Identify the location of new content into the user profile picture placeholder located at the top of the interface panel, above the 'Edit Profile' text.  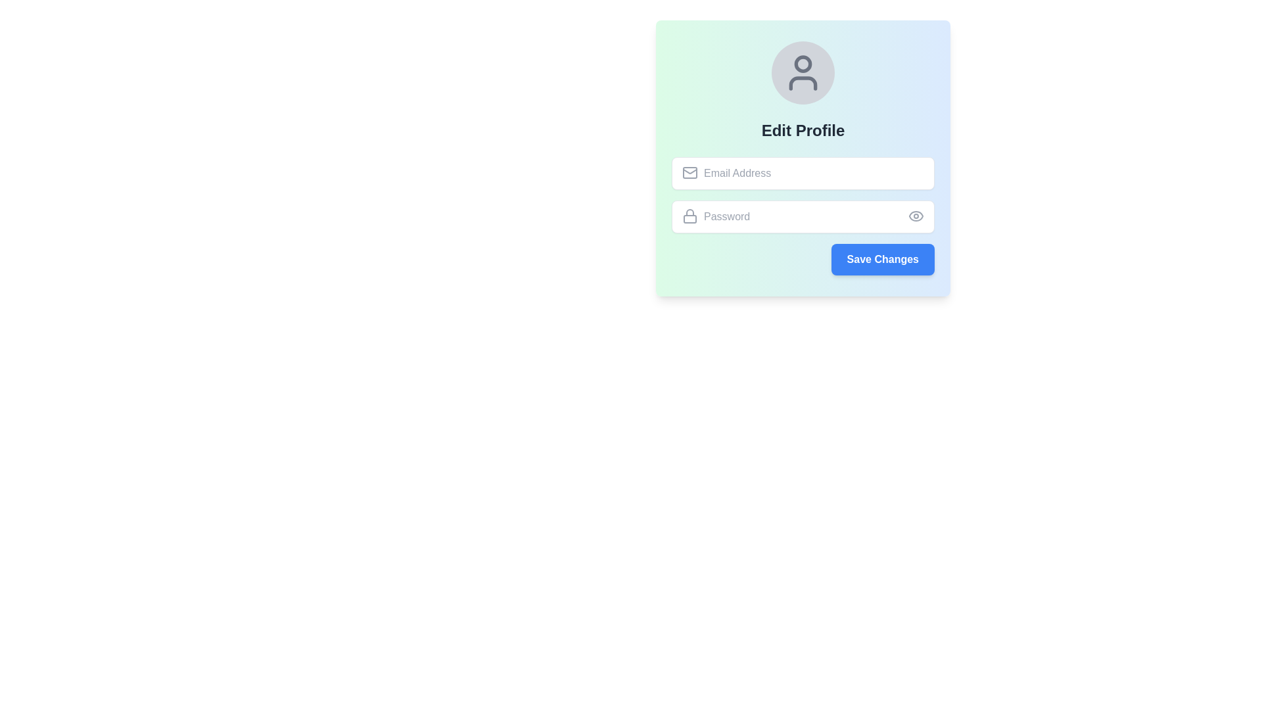
(803, 73).